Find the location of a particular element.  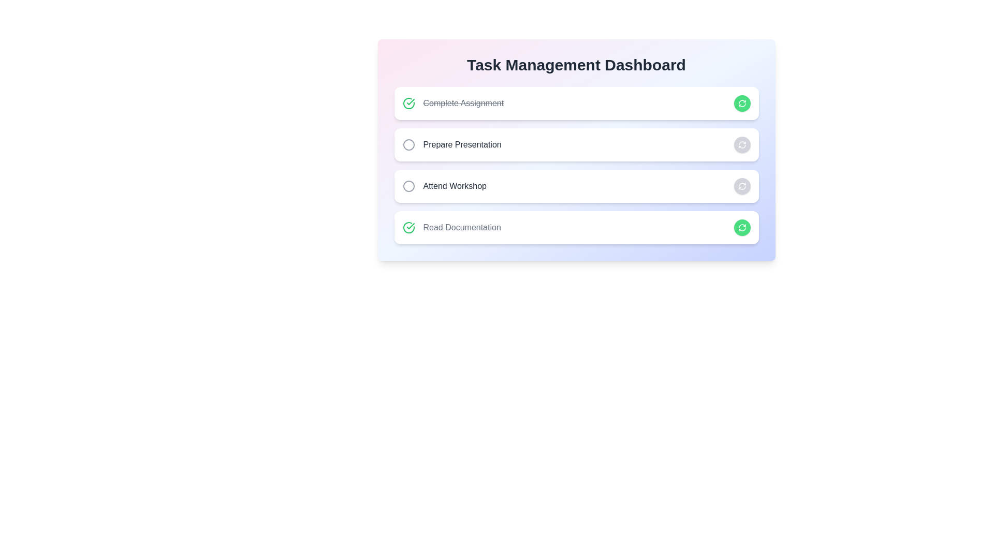

the button corresponding to Read Documentation is located at coordinates (741, 227).